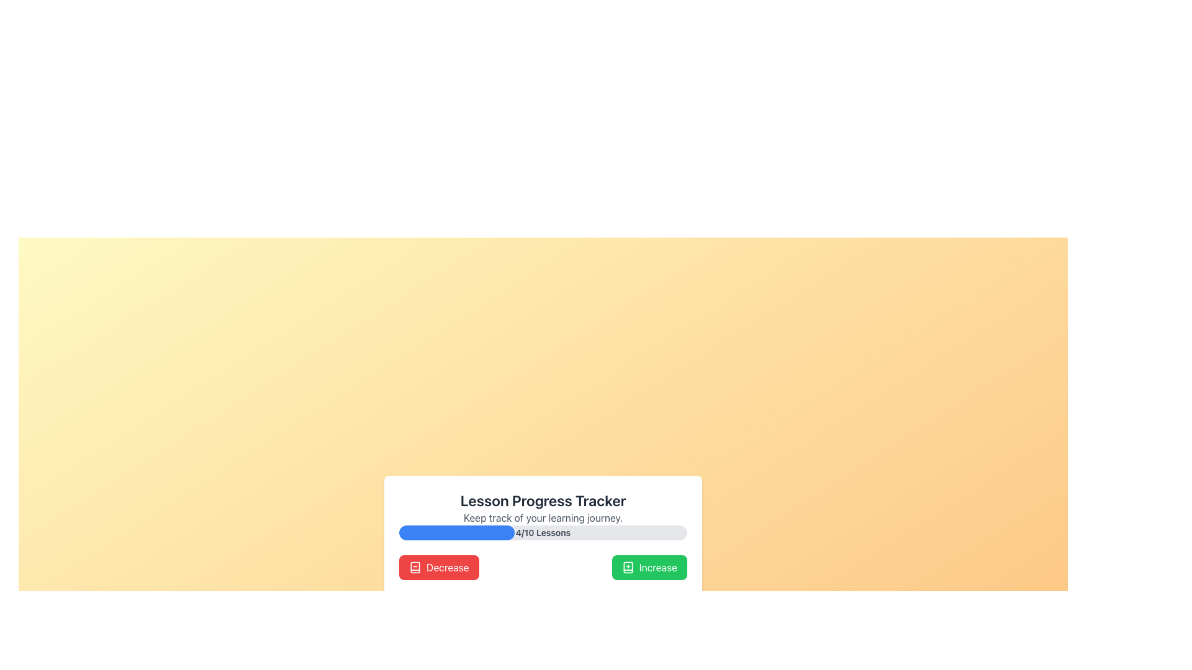  Describe the element at coordinates (543, 572) in the screenshot. I see `the interactive buttons of the progress tracker component` at that location.